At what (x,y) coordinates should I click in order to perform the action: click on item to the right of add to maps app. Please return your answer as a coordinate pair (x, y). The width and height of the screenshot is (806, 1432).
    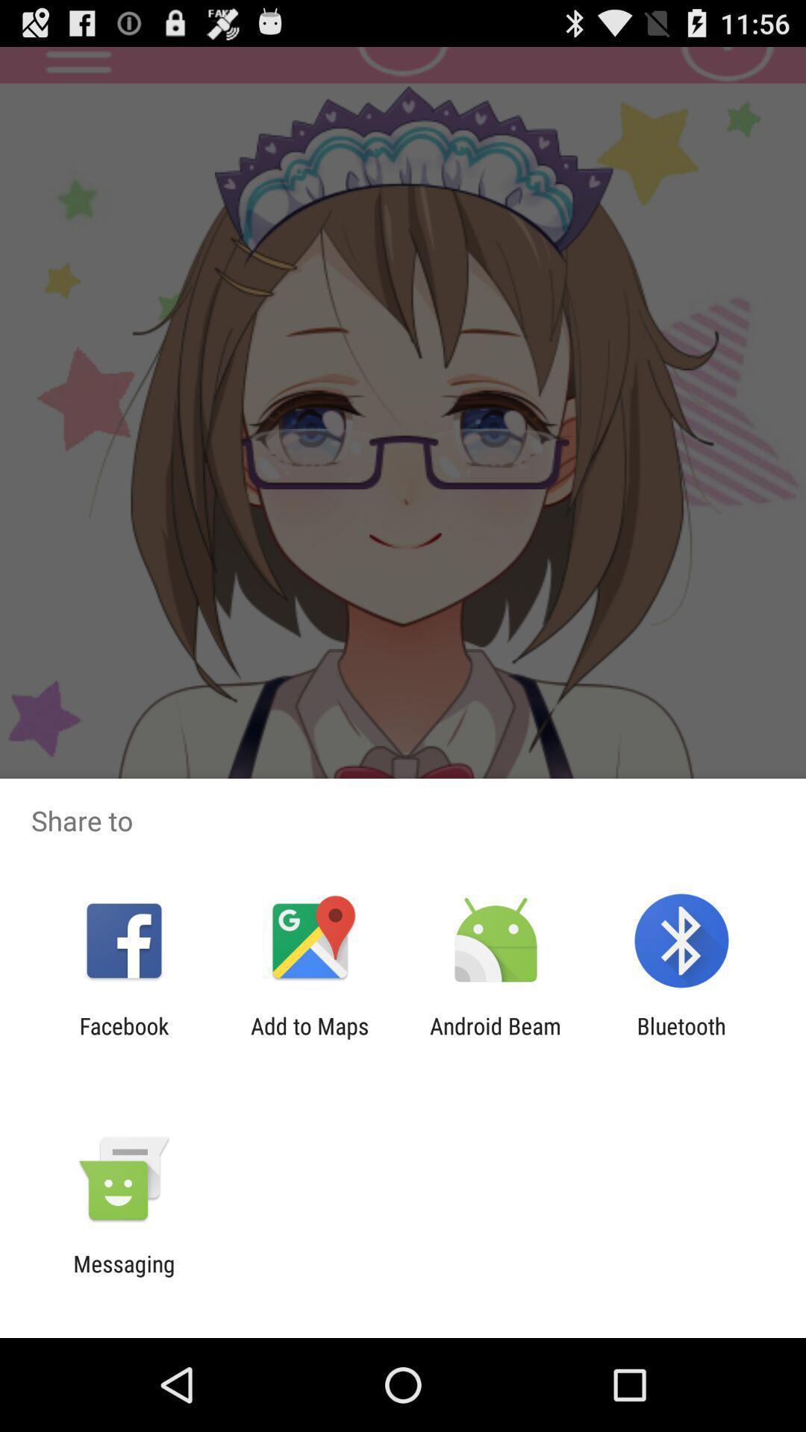
    Looking at the image, I should click on (496, 1038).